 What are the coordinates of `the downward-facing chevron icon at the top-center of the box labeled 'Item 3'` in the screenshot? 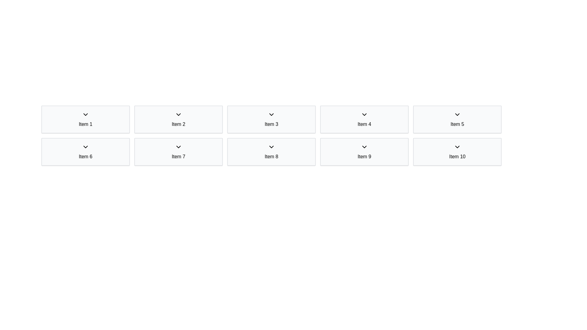 It's located at (271, 114).